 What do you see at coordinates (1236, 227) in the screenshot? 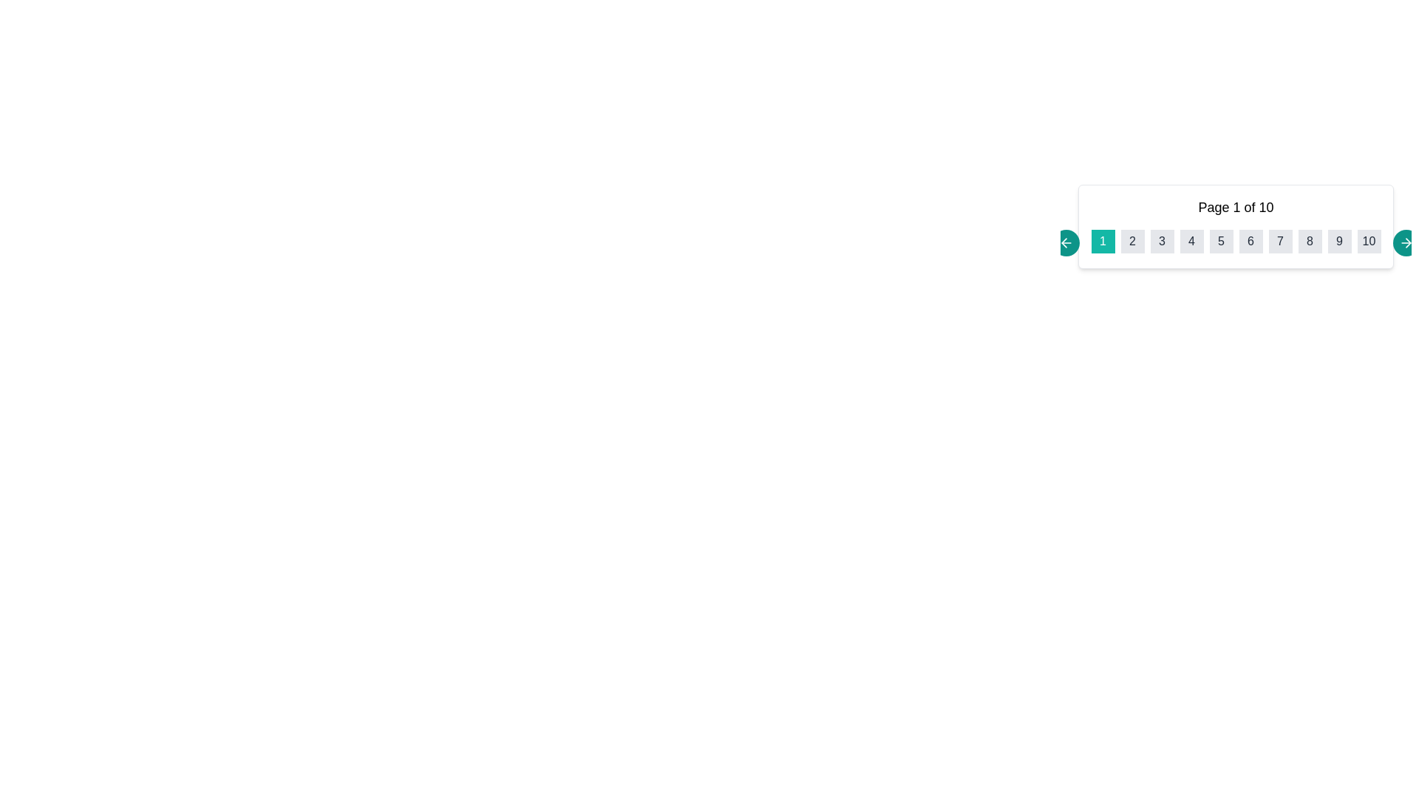
I see `the navigation button on the pagination control to move to a different page` at bounding box center [1236, 227].